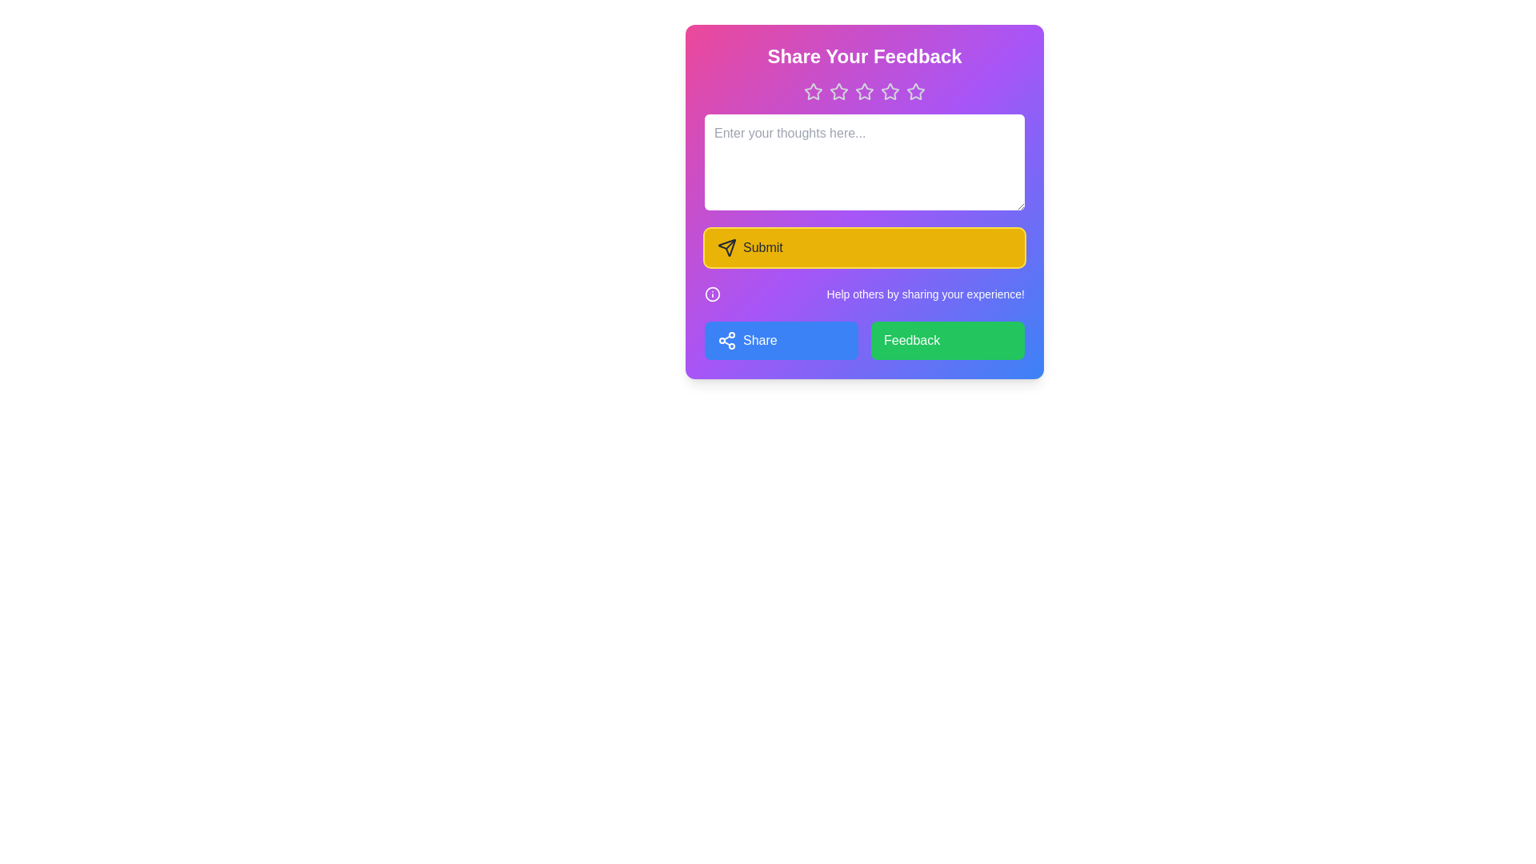 The height and width of the screenshot is (864, 1536). What do you see at coordinates (726, 339) in the screenshot?
I see `the sharing icon located to the left of the blue 'Share' button in the bottom left section of the card interface` at bounding box center [726, 339].